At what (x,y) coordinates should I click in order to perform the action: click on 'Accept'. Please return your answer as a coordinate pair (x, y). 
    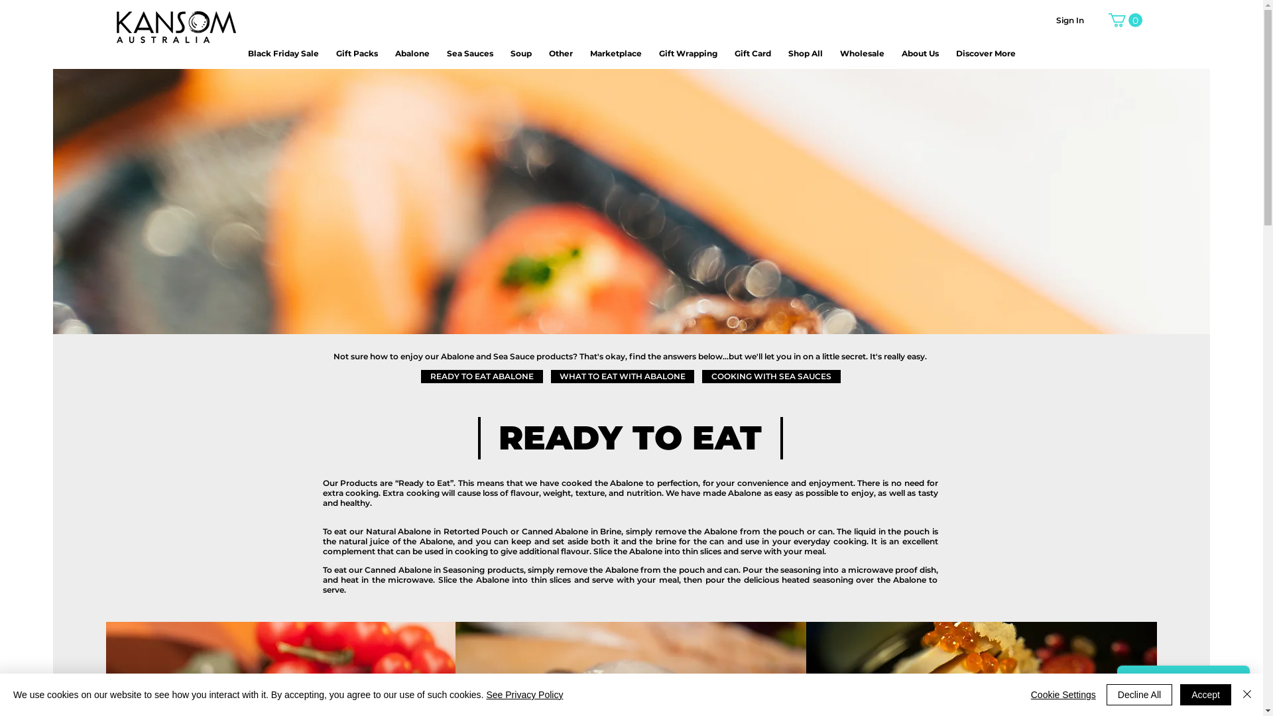
    Looking at the image, I should click on (1180, 694).